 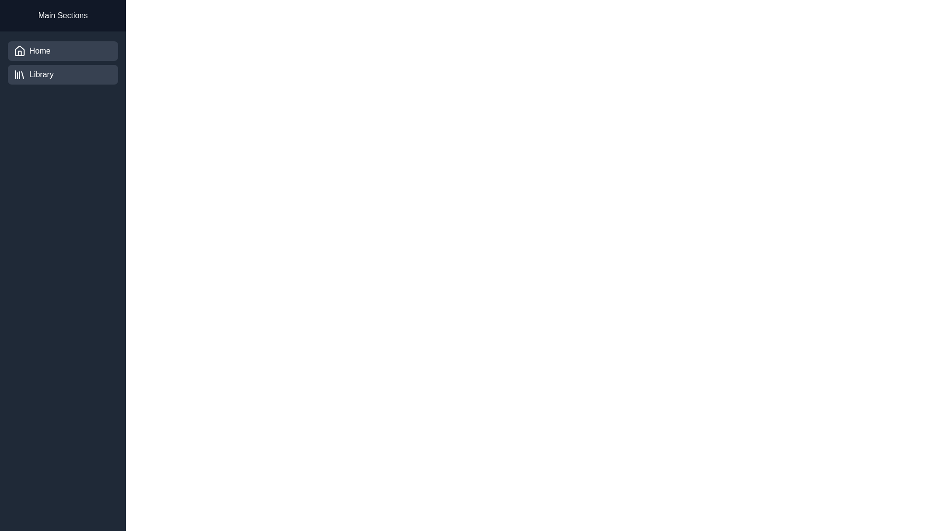 What do you see at coordinates (63, 15) in the screenshot?
I see `the text of the 'Main Sections' header` at bounding box center [63, 15].